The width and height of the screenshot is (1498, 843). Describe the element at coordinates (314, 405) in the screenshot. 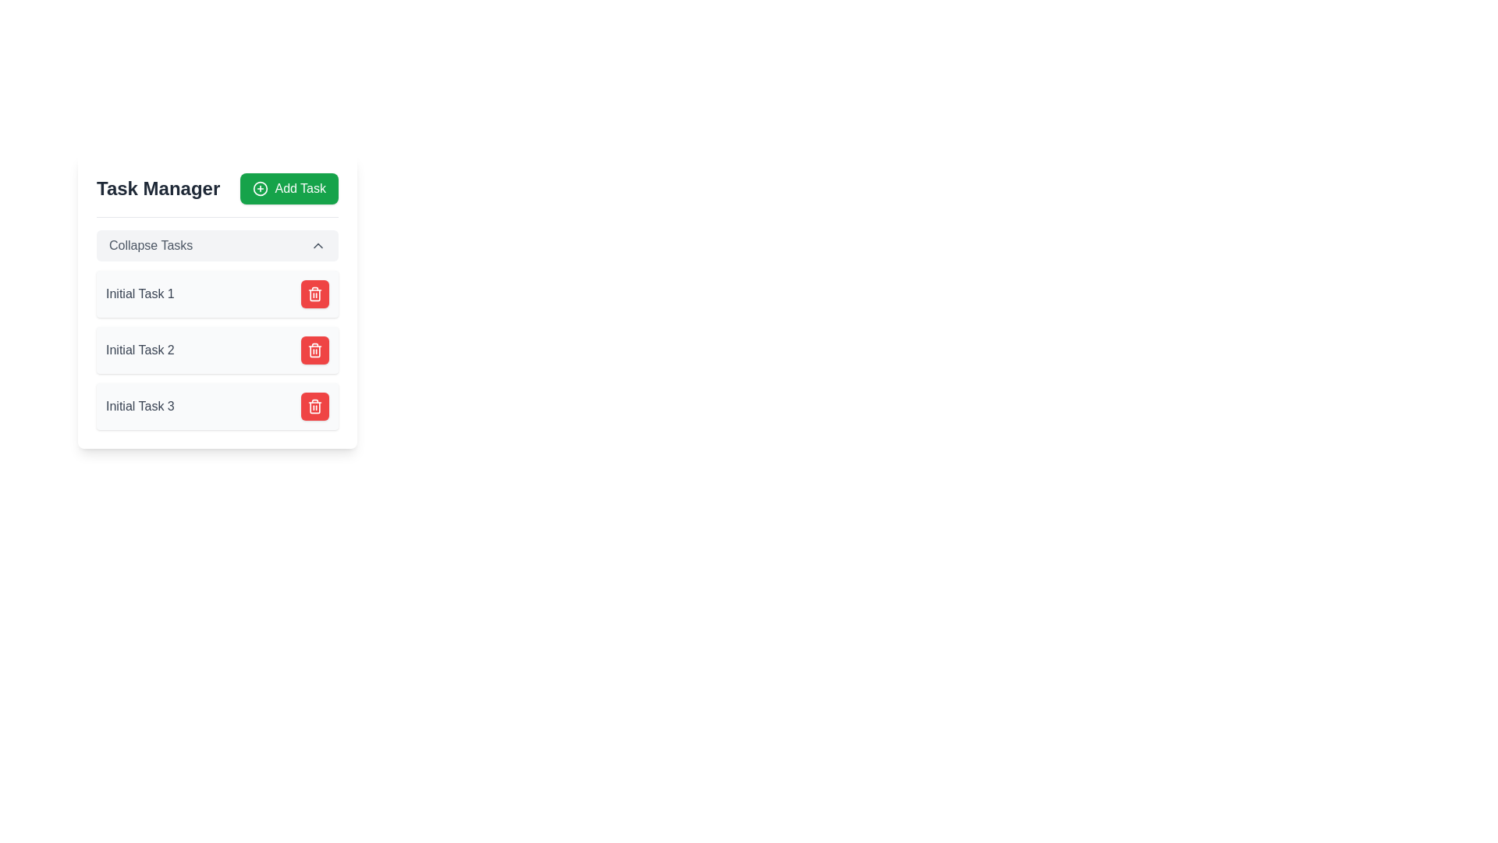

I see `the red delete button with a trash can icon located on the right side of the 'Initial Task 3' item` at that location.